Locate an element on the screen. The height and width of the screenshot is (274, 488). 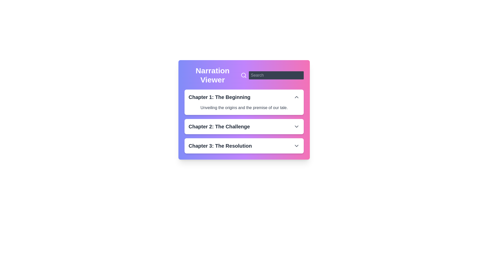
the downward-pointing Chevron icon (expand/collapse indicator) located on the right side of the bar labeled 'Chapter 3: The Resolution' is located at coordinates (296, 146).